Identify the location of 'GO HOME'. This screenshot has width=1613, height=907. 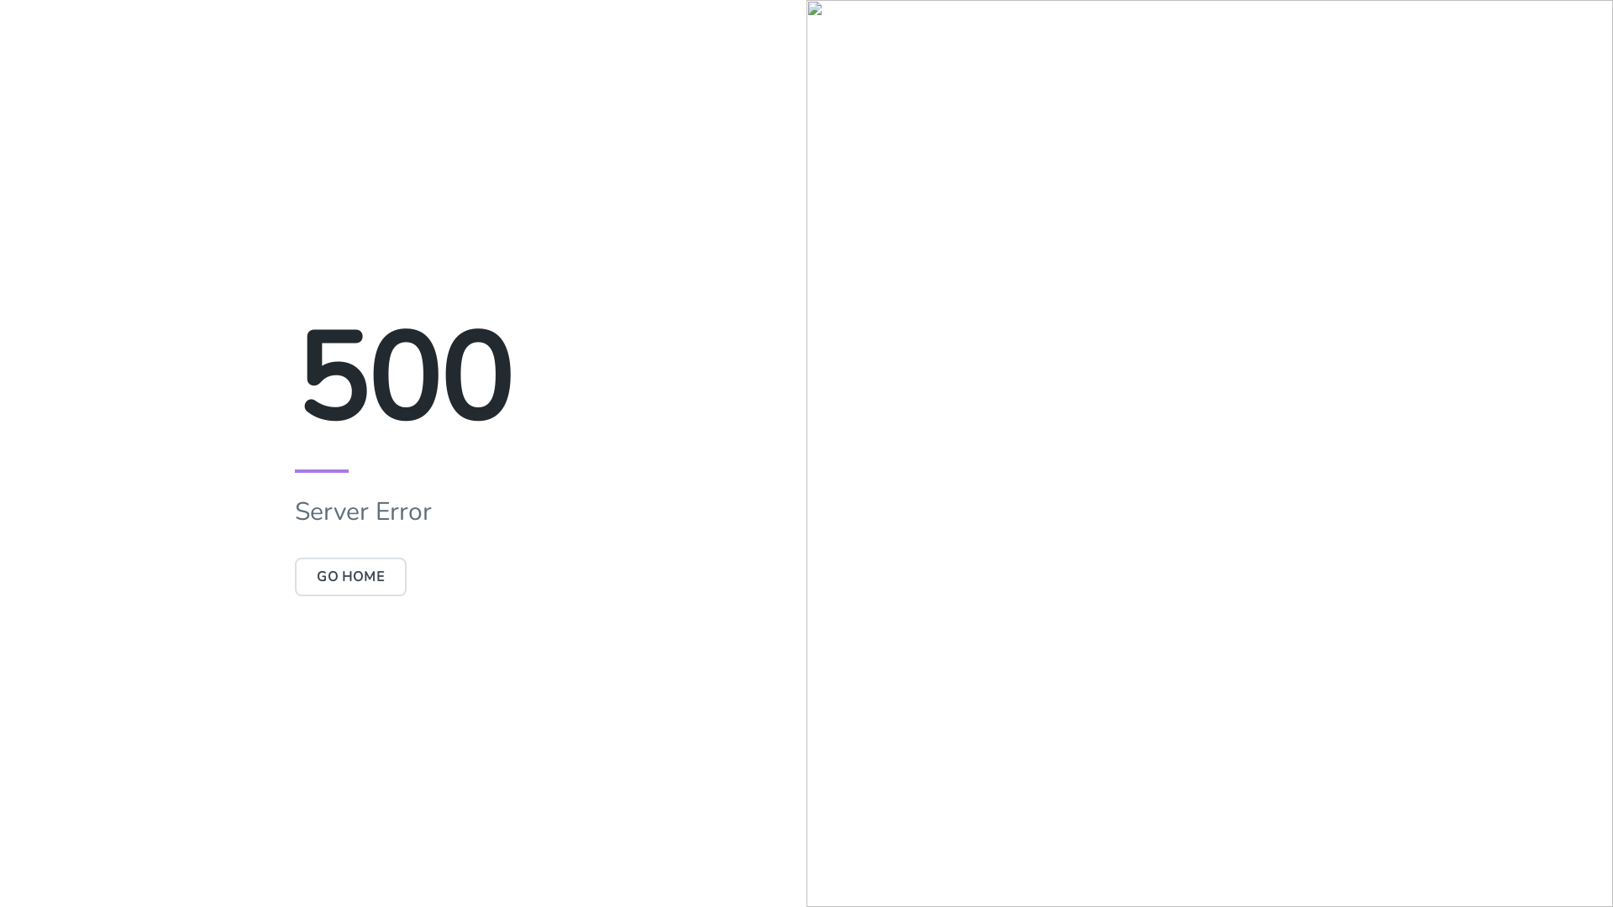
(349, 575).